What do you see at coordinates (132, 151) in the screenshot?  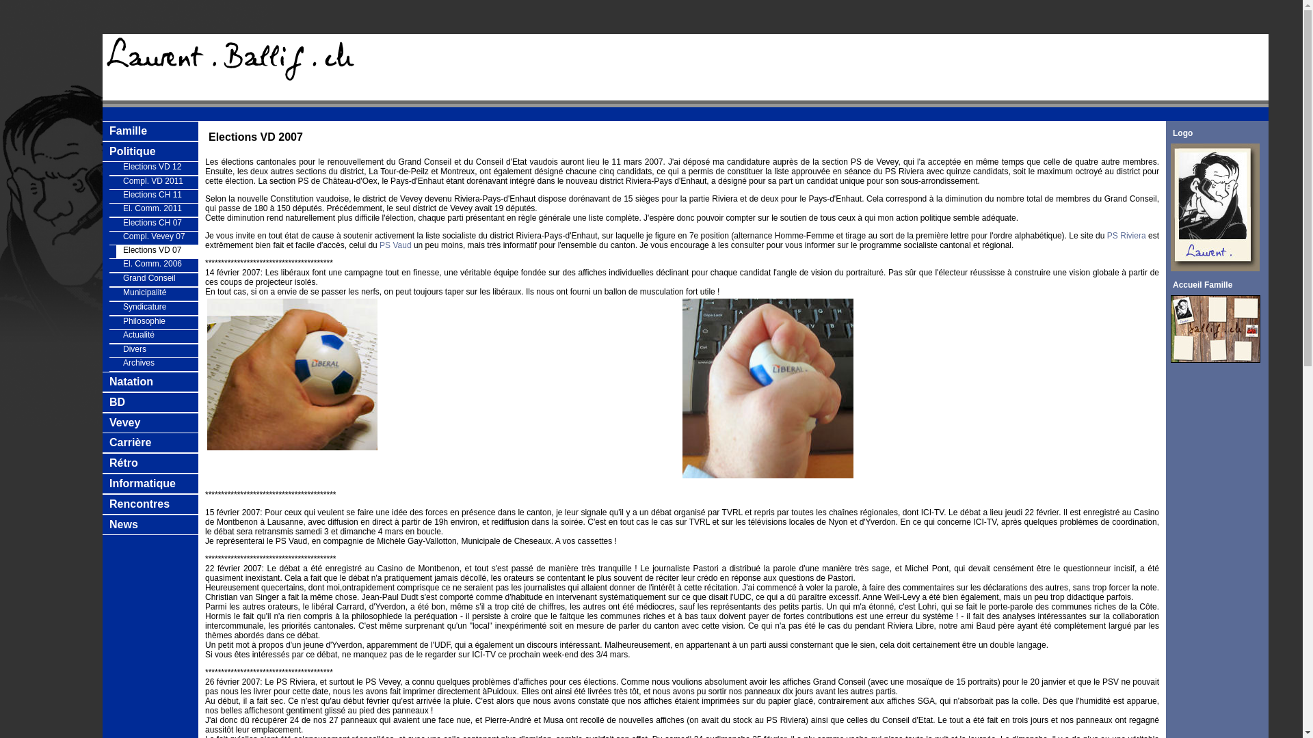 I see `'Politique'` at bounding box center [132, 151].